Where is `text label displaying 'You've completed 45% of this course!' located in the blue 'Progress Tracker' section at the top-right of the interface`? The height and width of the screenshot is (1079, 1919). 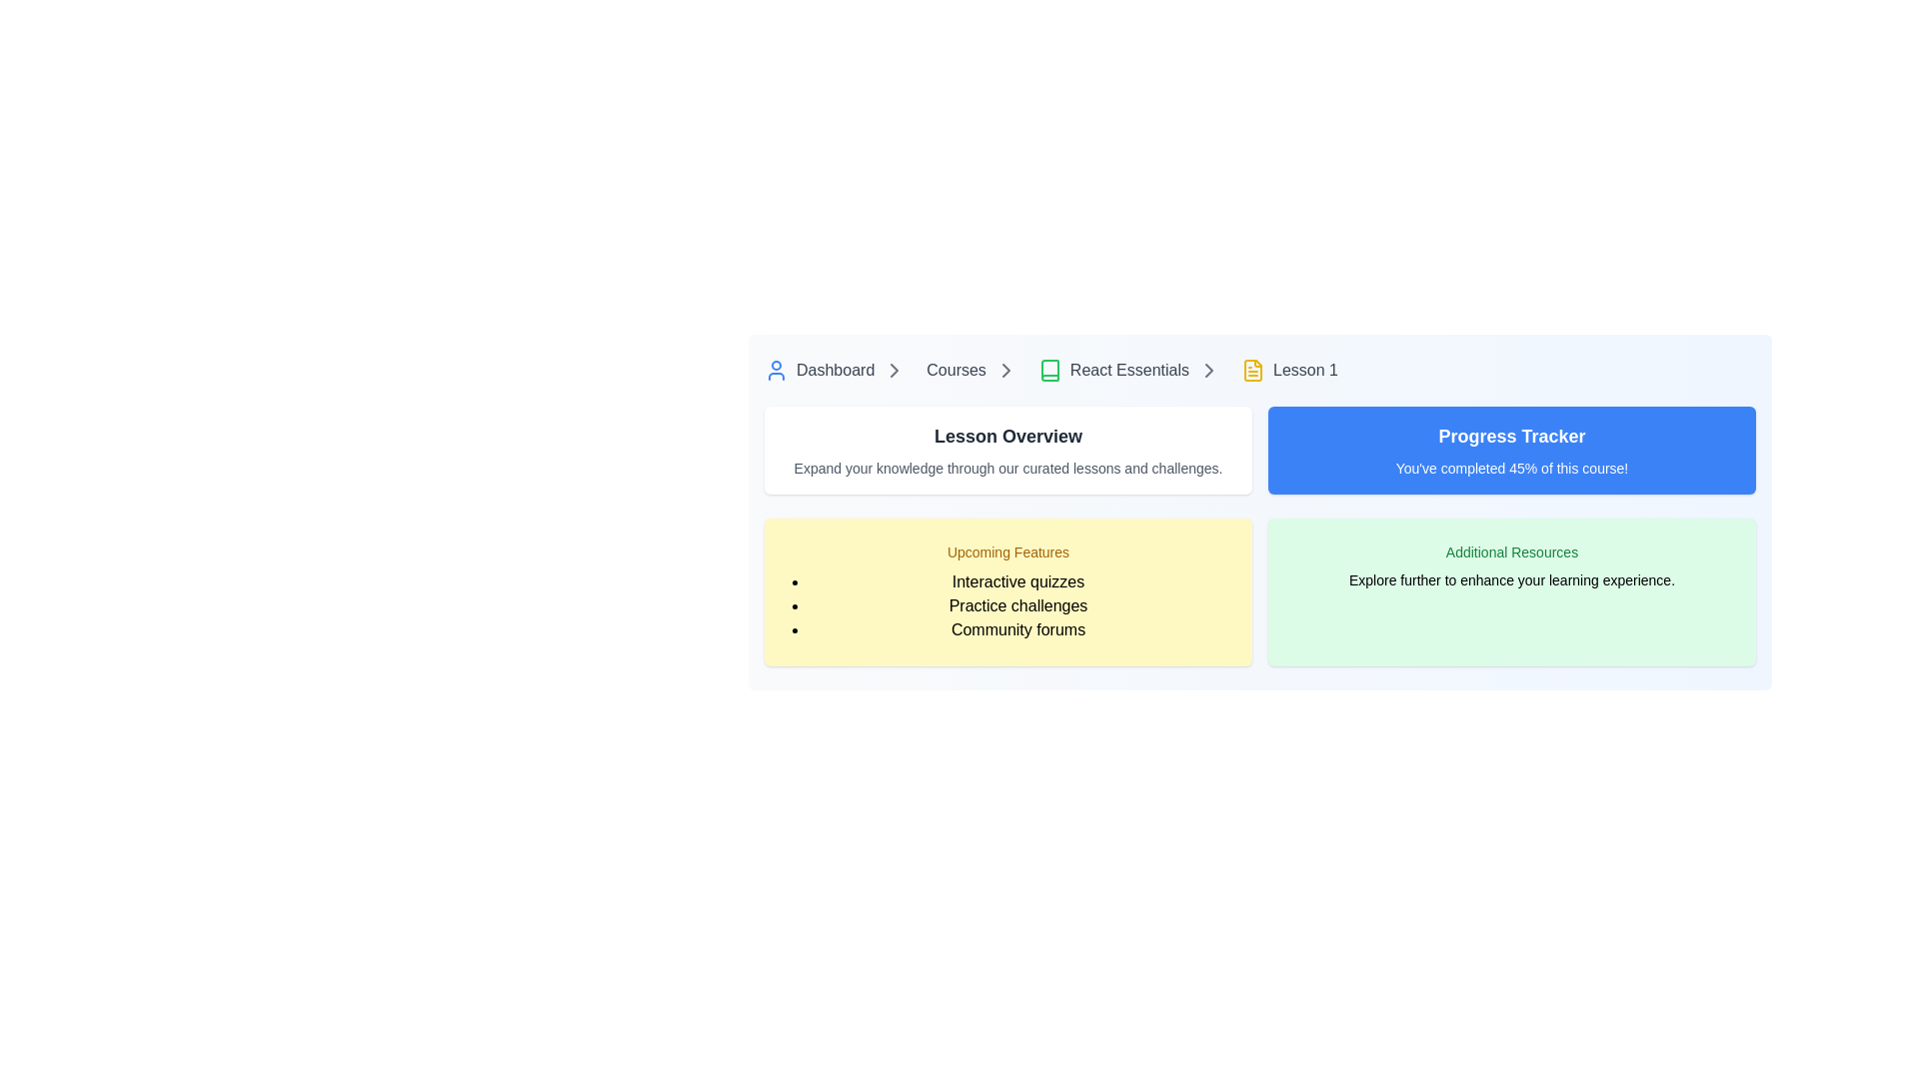
text label displaying 'You've completed 45% of this course!' located in the blue 'Progress Tracker' section at the top-right of the interface is located at coordinates (1511, 469).